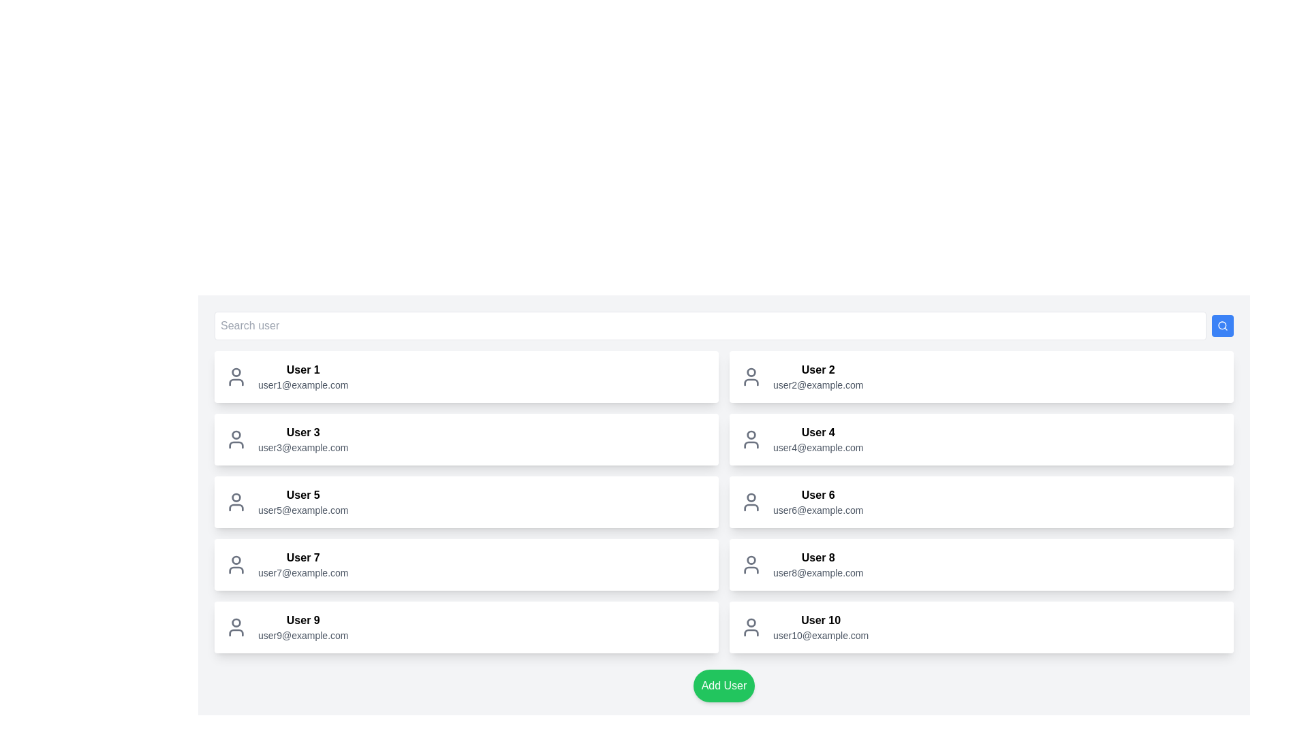 The image size is (1308, 735). What do you see at coordinates (236, 377) in the screenshot?
I see `the user profile icon, which is a gray silhouette of a user located to the left of the text 'User 1' and 'user1@example.com'` at bounding box center [236, 377].